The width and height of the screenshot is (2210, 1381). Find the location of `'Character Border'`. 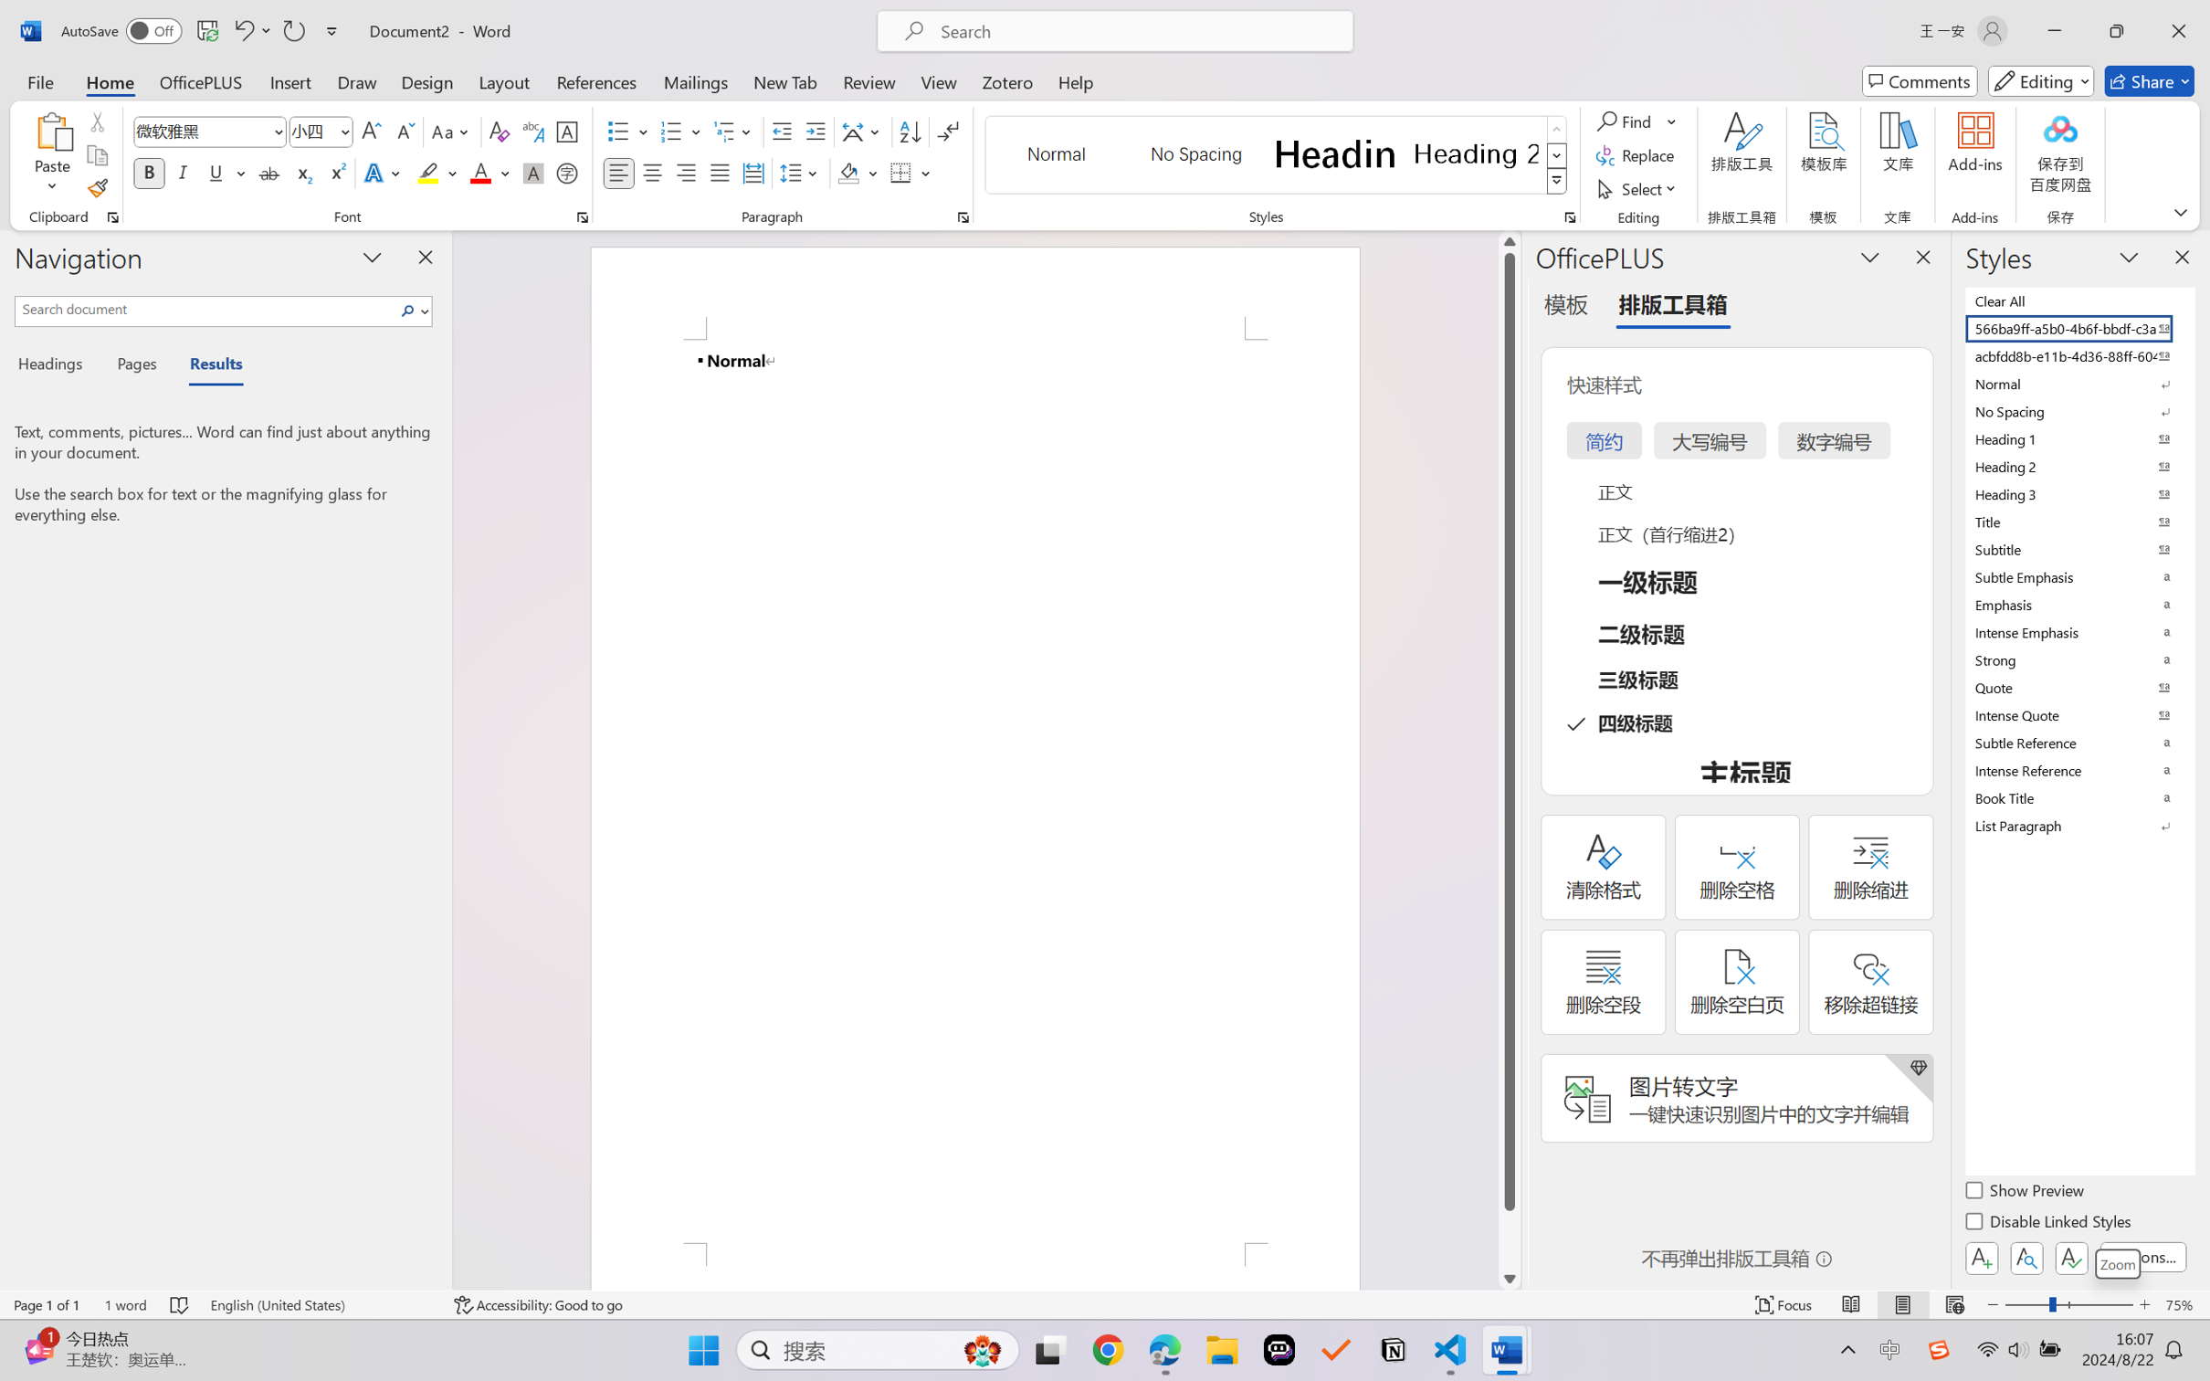

'Character Border' is located at coordinates (567, 132).